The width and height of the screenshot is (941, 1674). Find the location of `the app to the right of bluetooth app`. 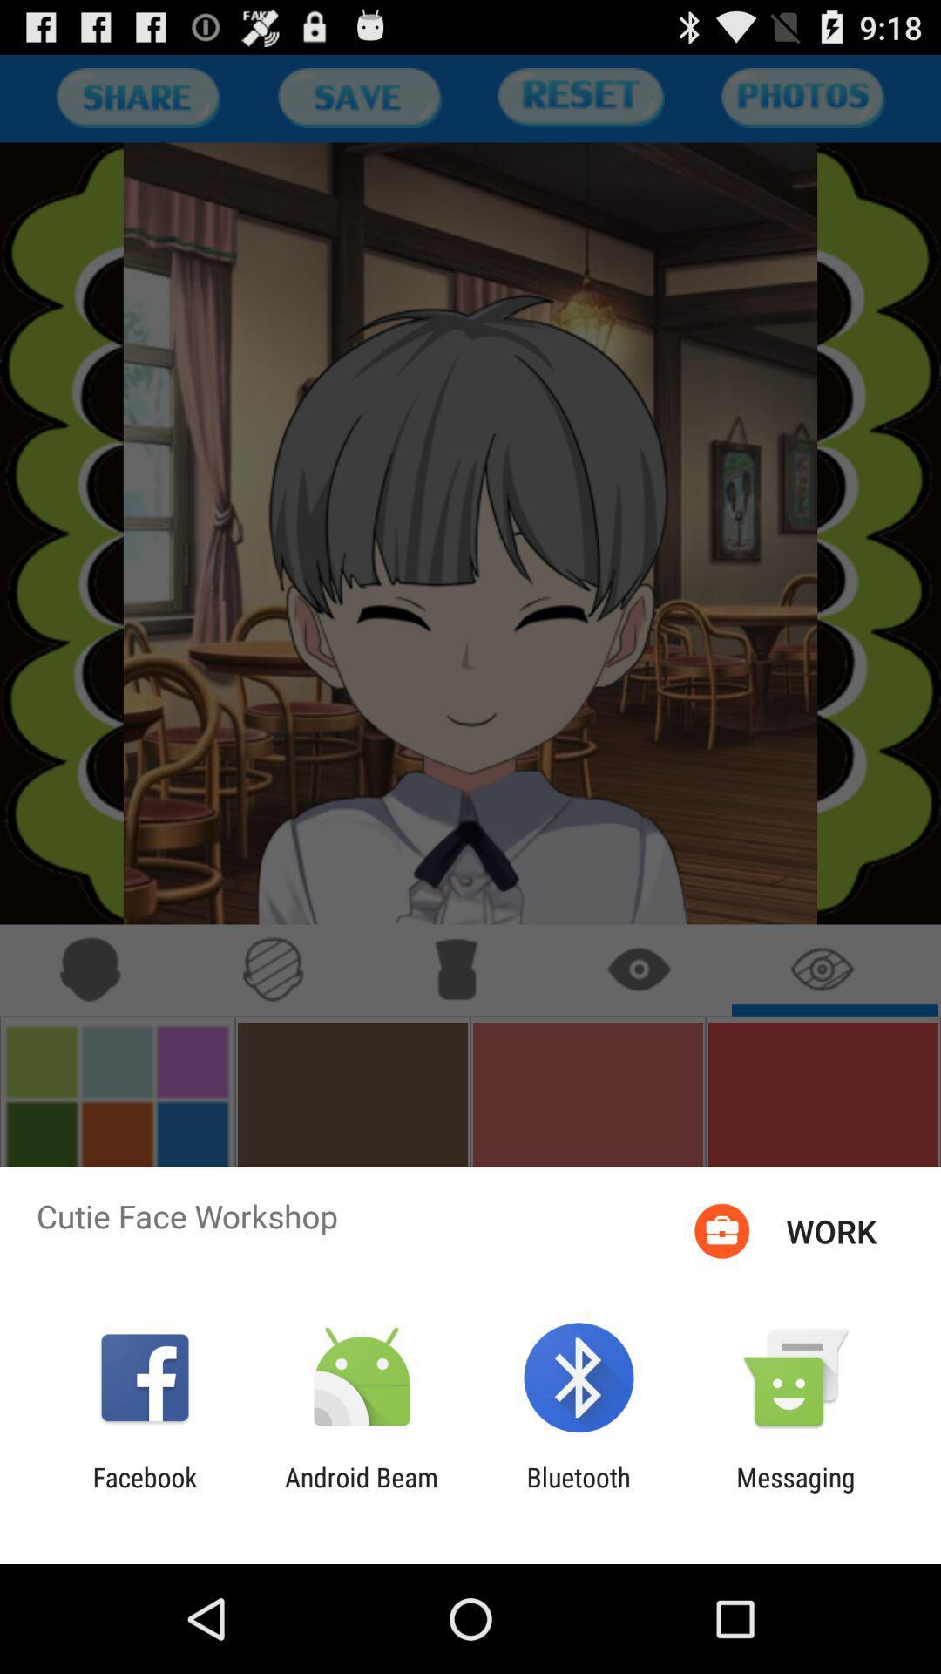

the app to the right of bluetooth app is located at coordinates (795, 1492).